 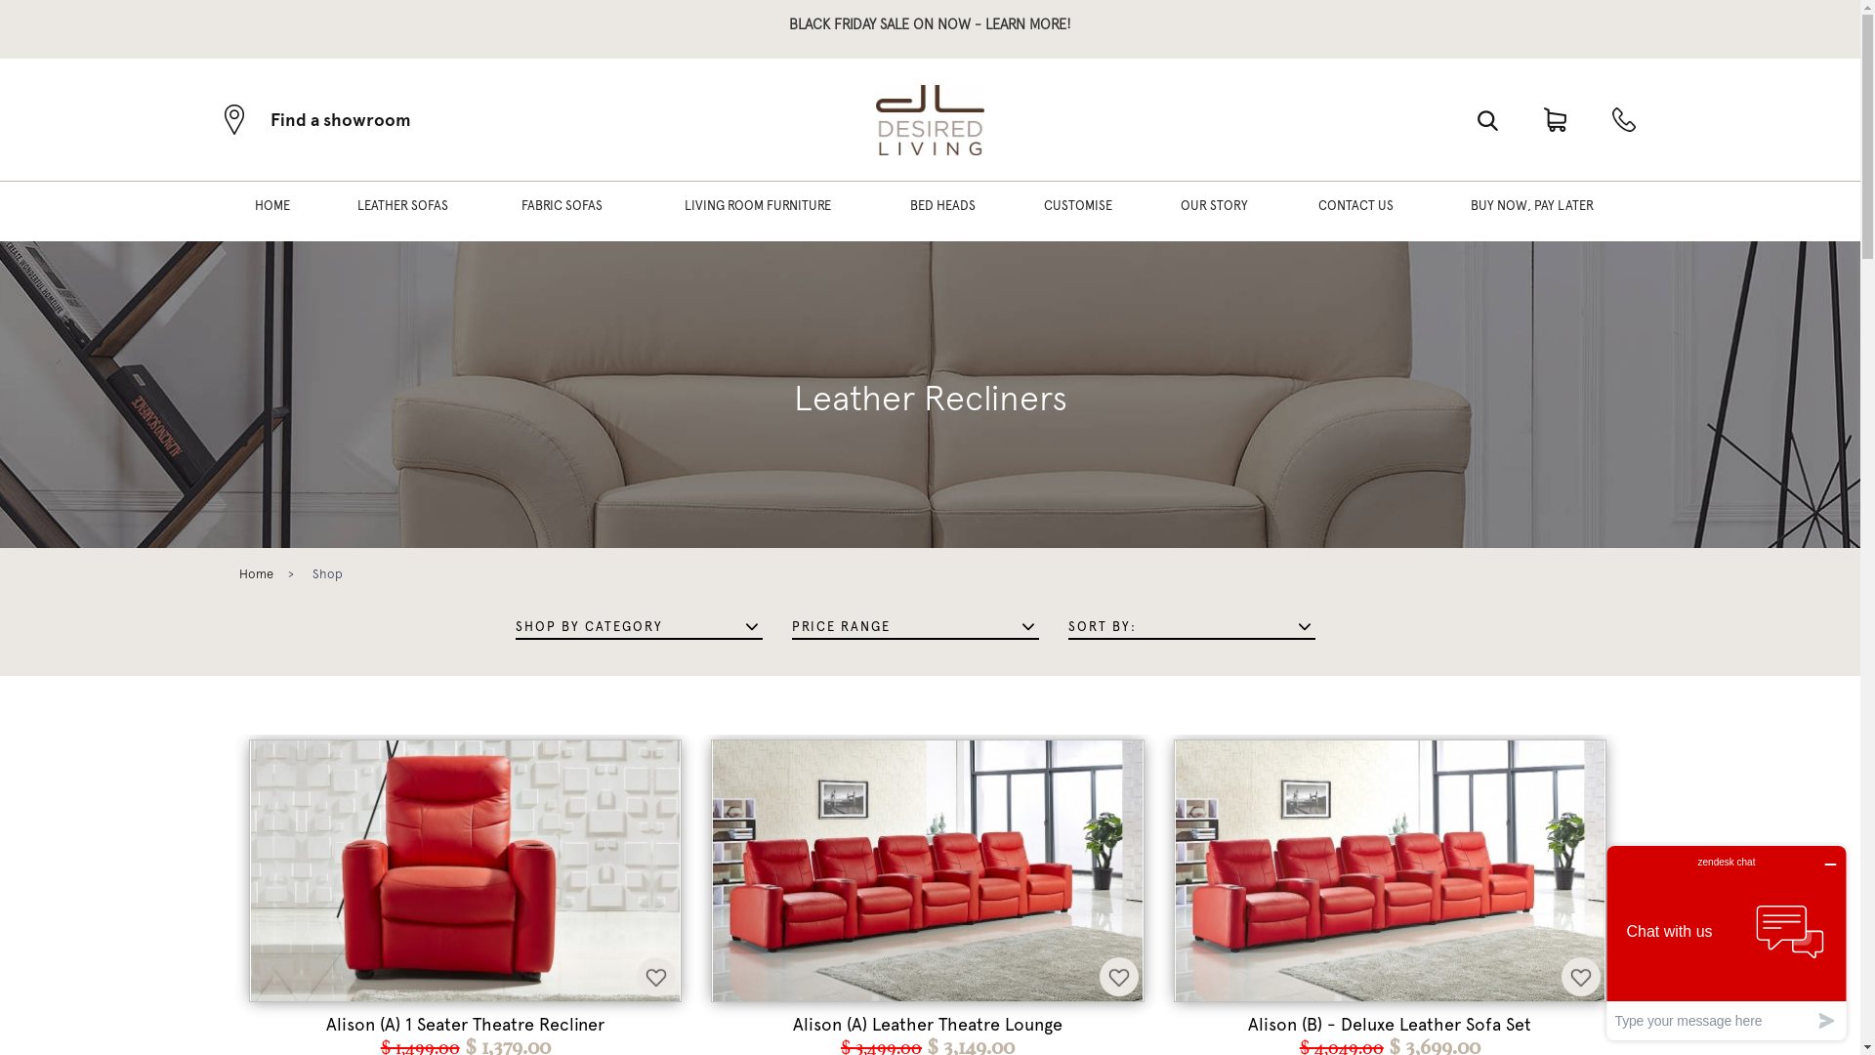 What do you see at coordinates (757, 211) in the screenshot?
I see `'LIVING ROOM FURNITURE'` at bounding box center [757, 211].